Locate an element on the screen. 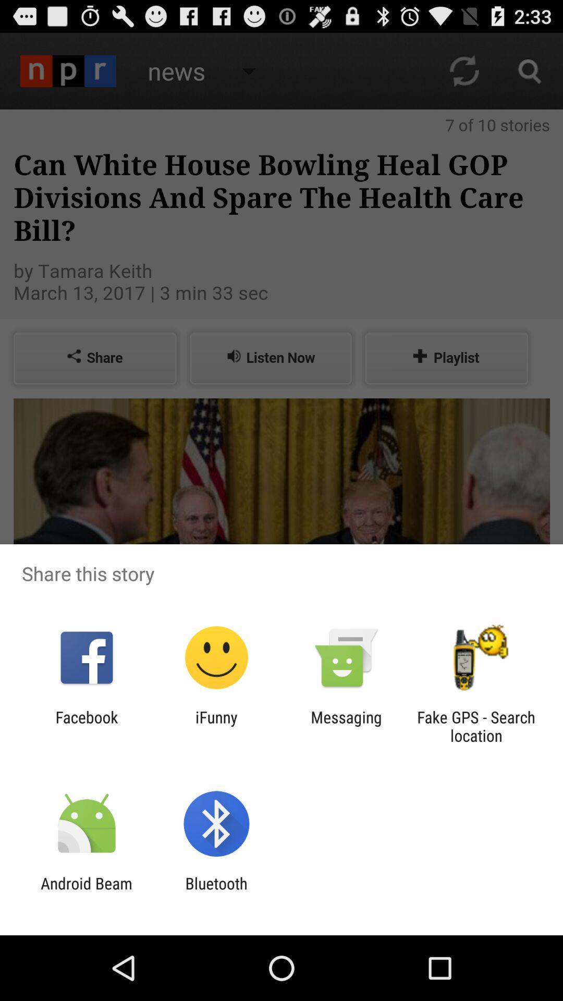 This screenshot has height=1001, width=563. the item at the bottom right corner is located at coordinates (476, 726).